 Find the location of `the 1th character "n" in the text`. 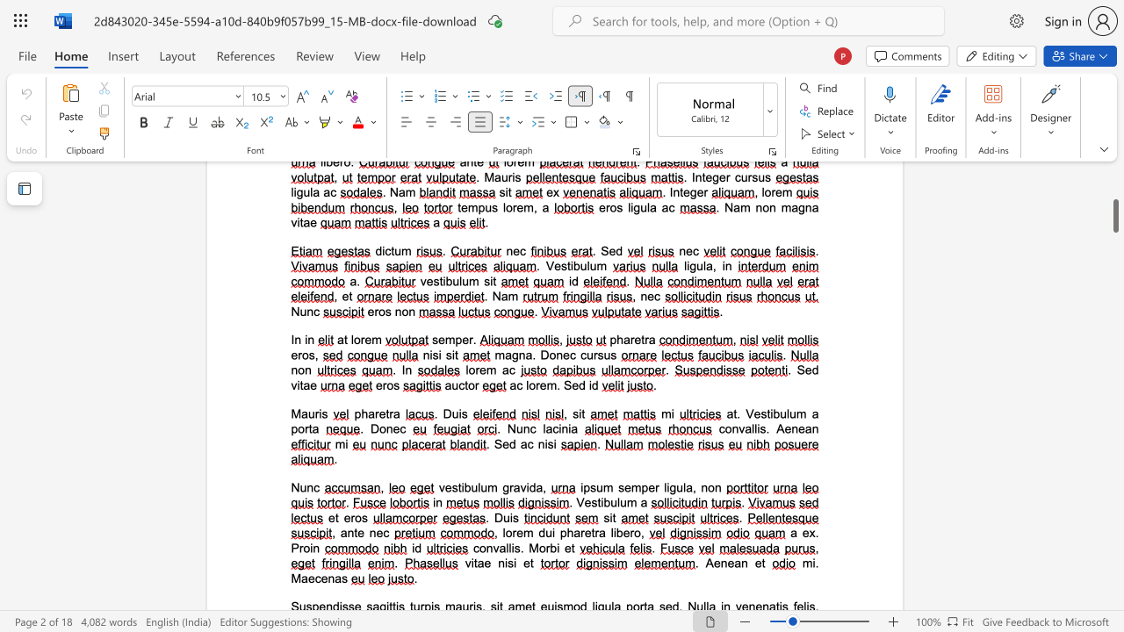

the 1th character "n" in the text is located at coordinates (735, 428).